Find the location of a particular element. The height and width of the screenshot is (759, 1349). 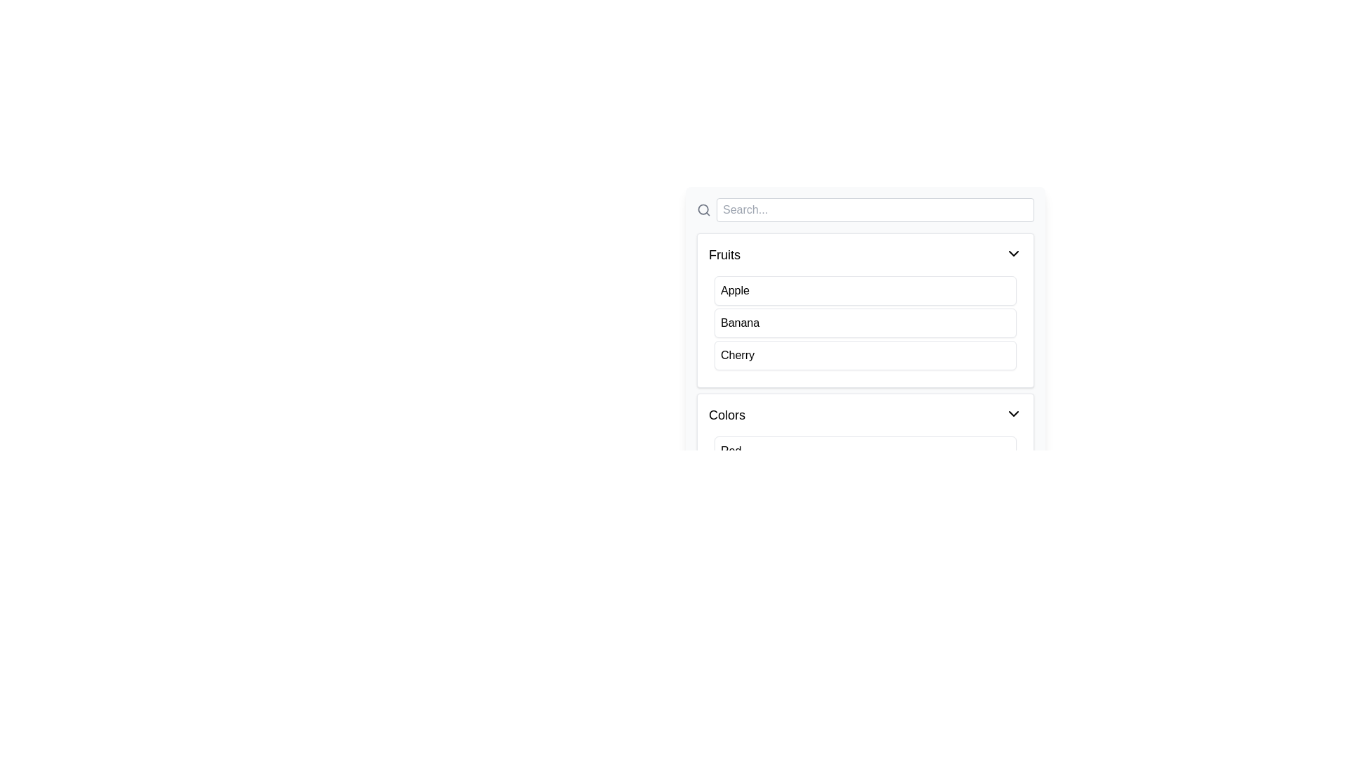

the 'Cherry' button, which is the third item in the 'Fruits' category list is located at coordinates (865, 354).